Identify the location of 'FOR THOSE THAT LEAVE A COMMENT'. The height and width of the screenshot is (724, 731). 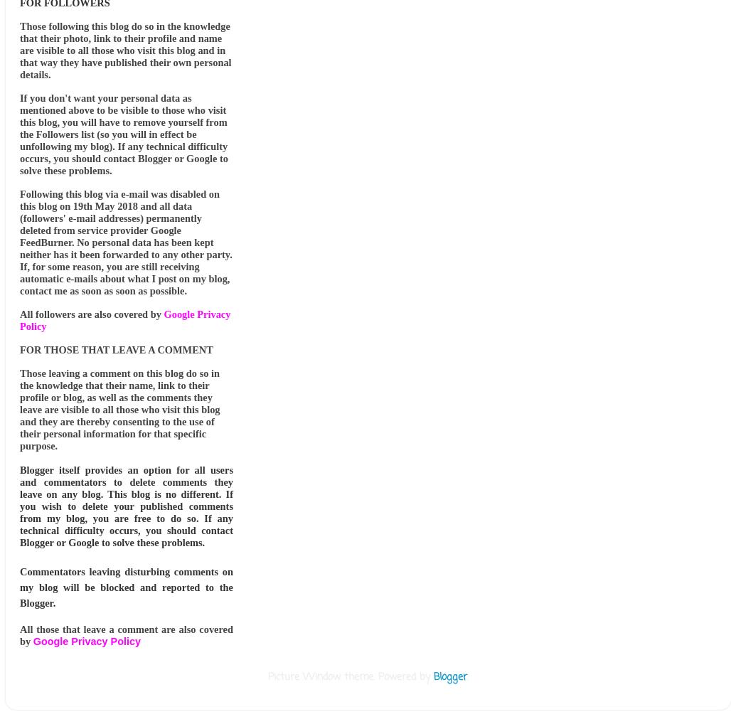
(116, 349).